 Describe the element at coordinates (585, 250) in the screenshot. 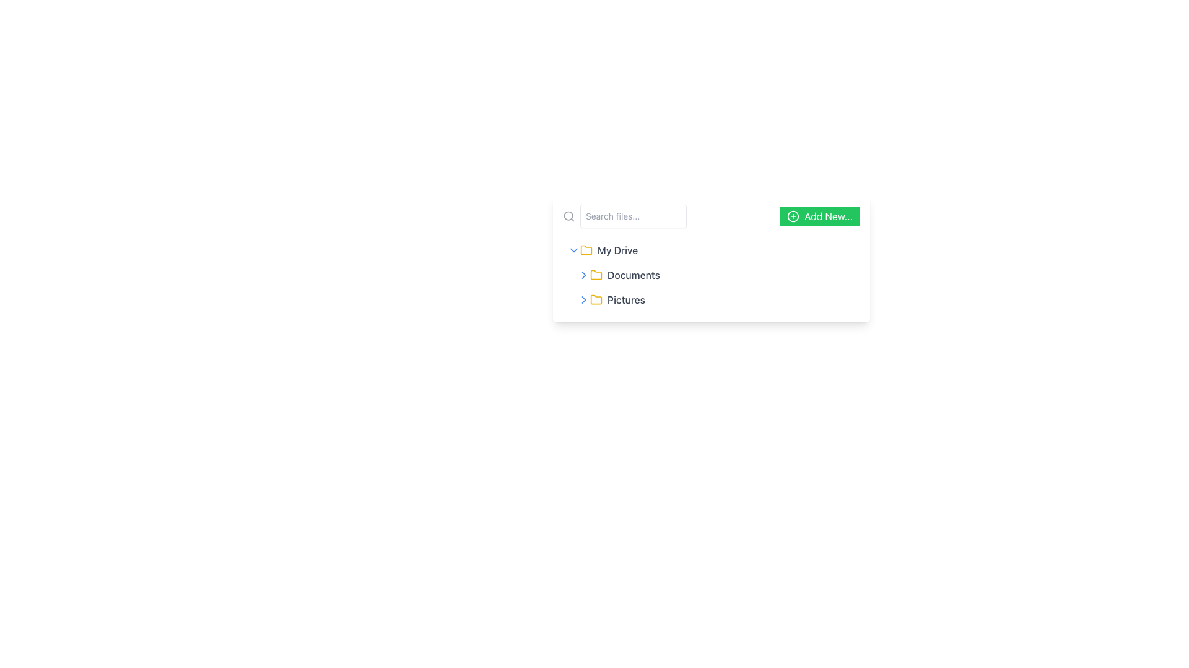

I see `the folder icon representing the 'My Drive' section, which is the third visual element in the left panel, located between a blue downward-chevron and the text 'My Drive'` at that location.